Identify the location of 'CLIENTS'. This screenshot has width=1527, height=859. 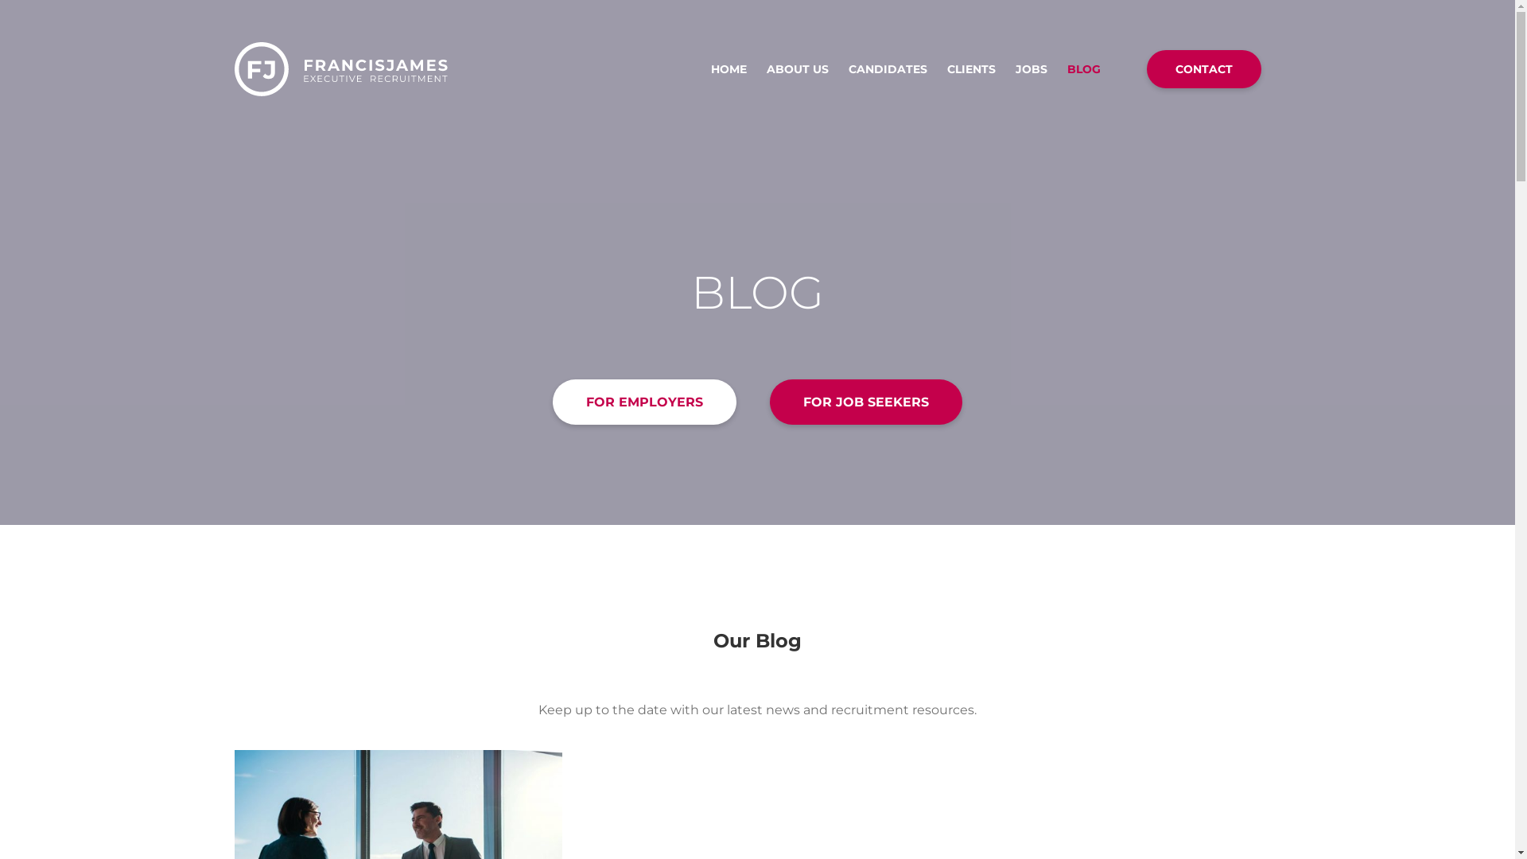
(969, 68).